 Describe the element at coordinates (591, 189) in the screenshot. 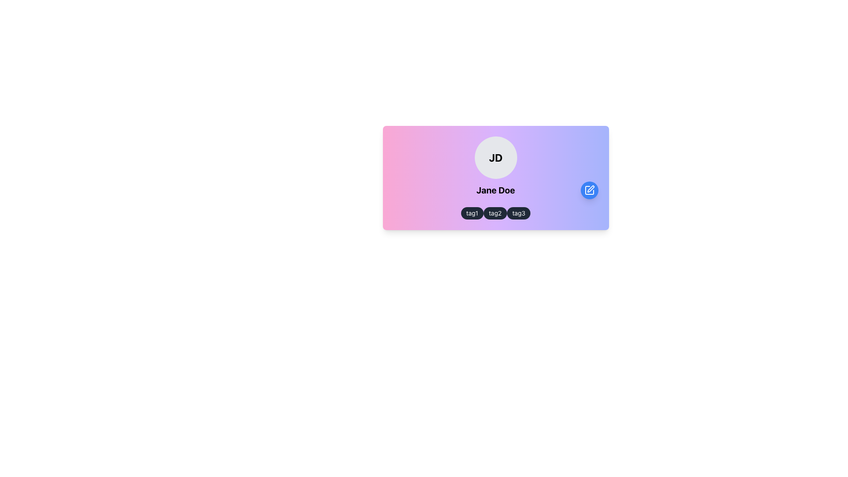

I see `the edit icon located inside the blue circular button at the top-right corner of the user card` at that location.